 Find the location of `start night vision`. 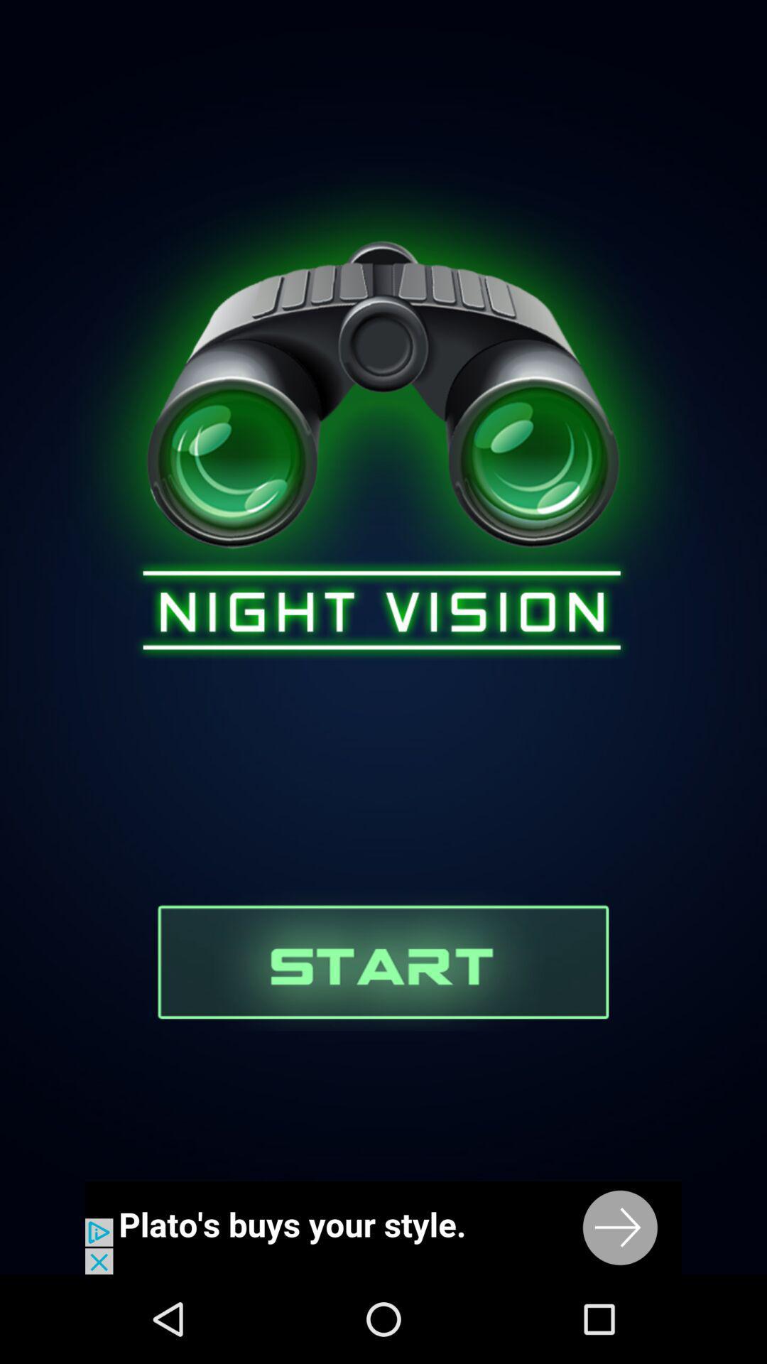

start night vision is located at coordinates (382, 960).